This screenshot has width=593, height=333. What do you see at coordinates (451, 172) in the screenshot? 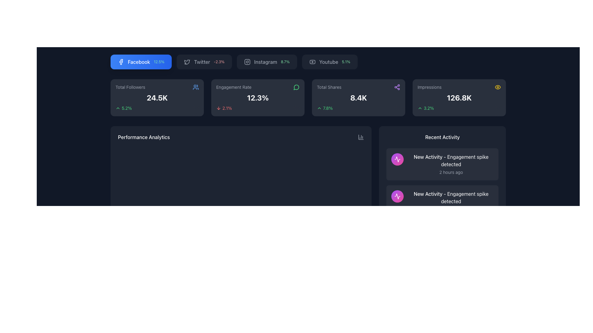
I see `the text label displaying '2 hours ago' in light gray font, located at the bottom center of the Recent Activity section in the darker background card` at bounding box center [451, 172].